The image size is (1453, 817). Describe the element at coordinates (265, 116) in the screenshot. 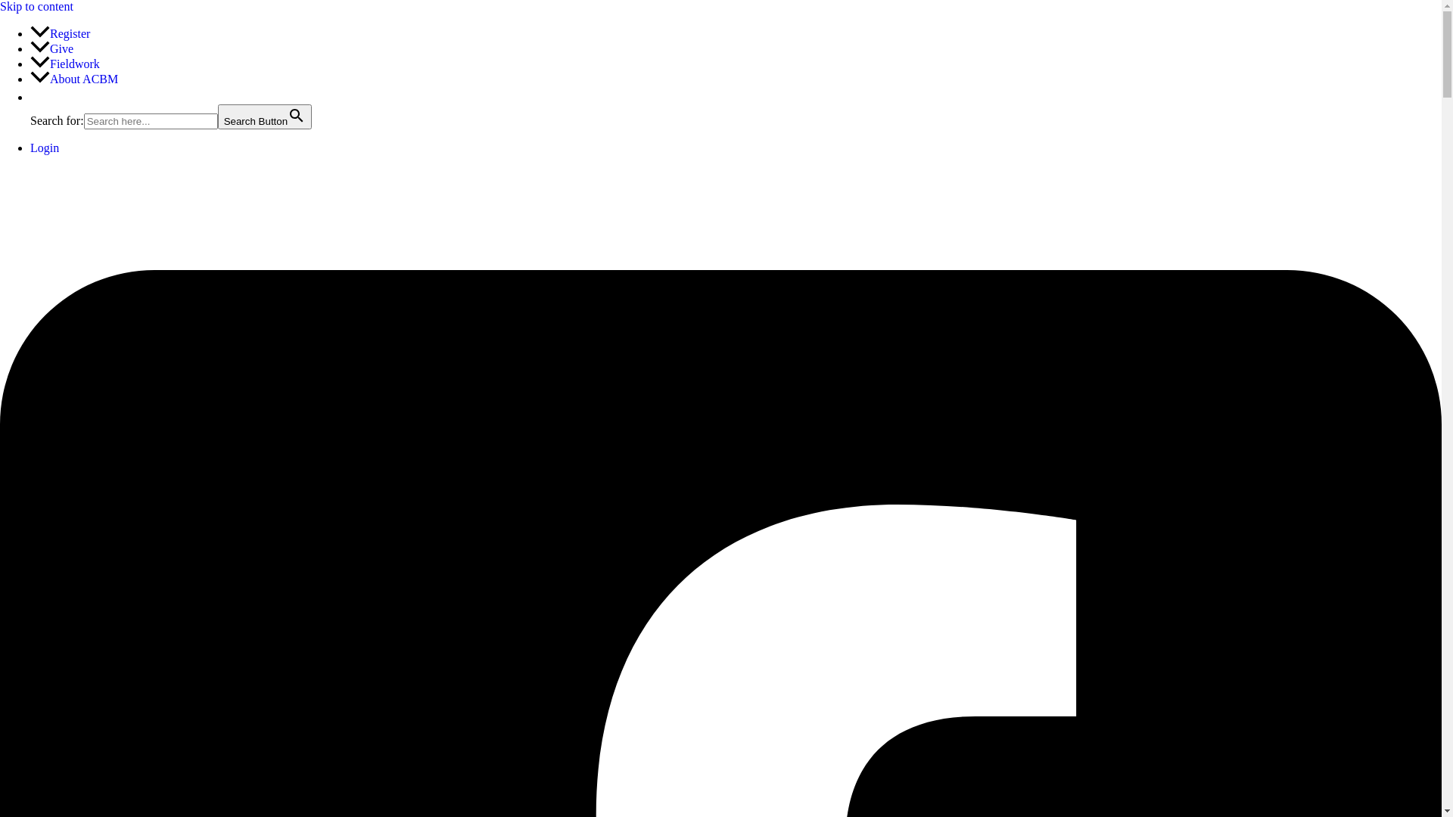

I see `'Search Button'` at that location.